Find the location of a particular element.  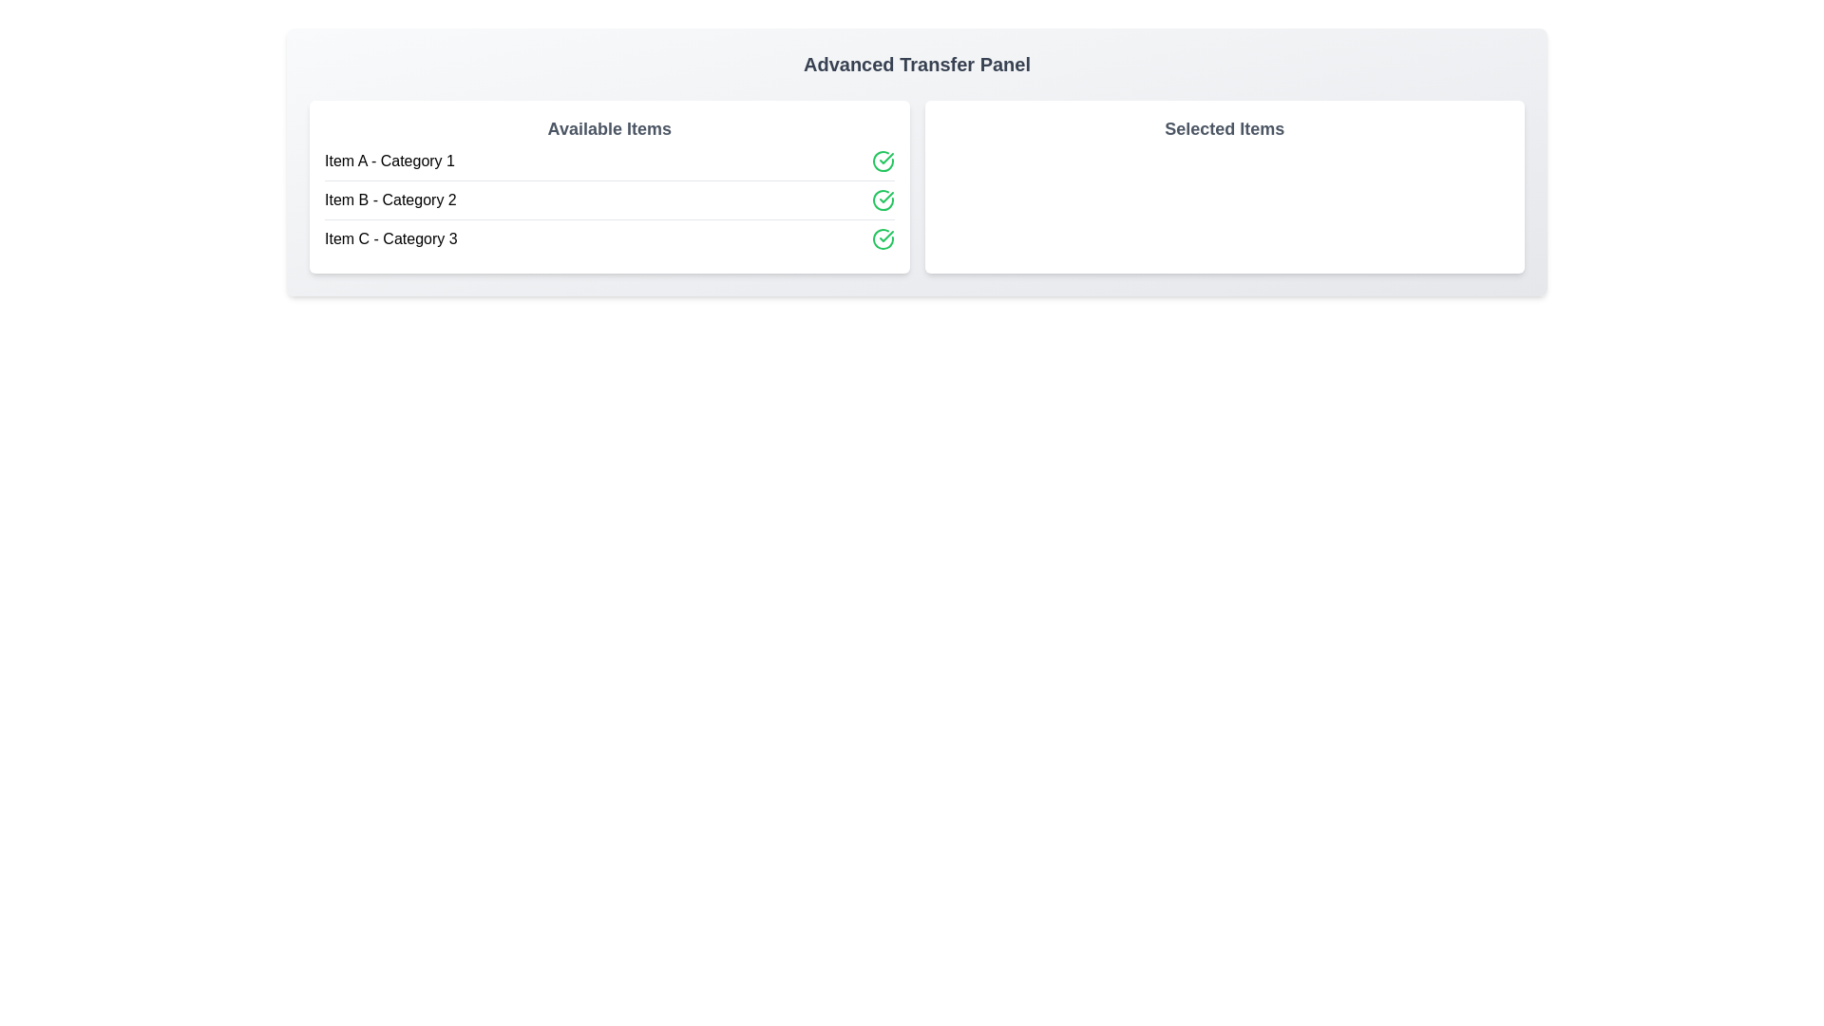

the visual feedback of the status icon with a checkmark located at the far right of the row labeled 'Item C - Category 3' in the 'Available Items' section is located at coordinates (882, 237).